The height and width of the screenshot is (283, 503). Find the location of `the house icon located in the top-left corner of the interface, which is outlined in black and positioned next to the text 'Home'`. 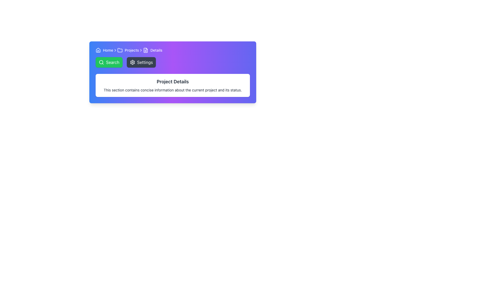

the house icon located in the top-left corner of the interface, which is outlined in black and positioned next to the text 'Home' is located at coordinates (98, 50).